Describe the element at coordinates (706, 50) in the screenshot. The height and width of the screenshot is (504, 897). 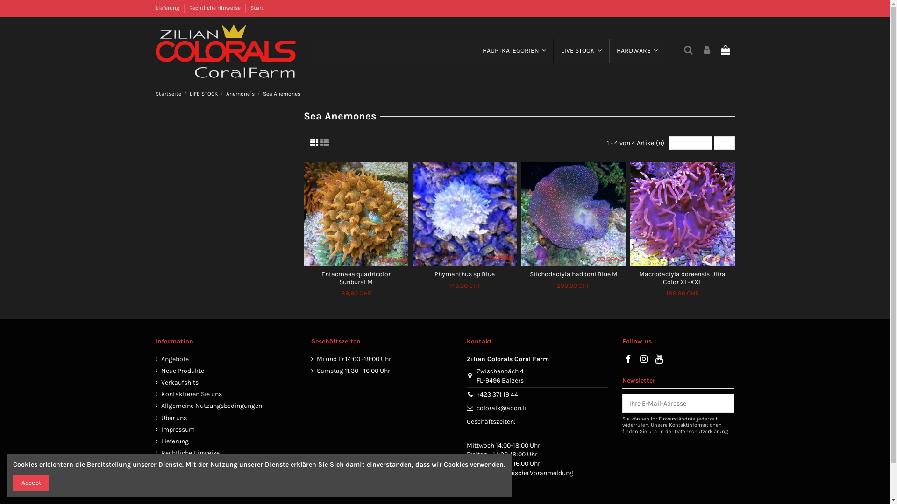
I see `'Anmelden zu Ihrem Kundenbereich'` at that location.